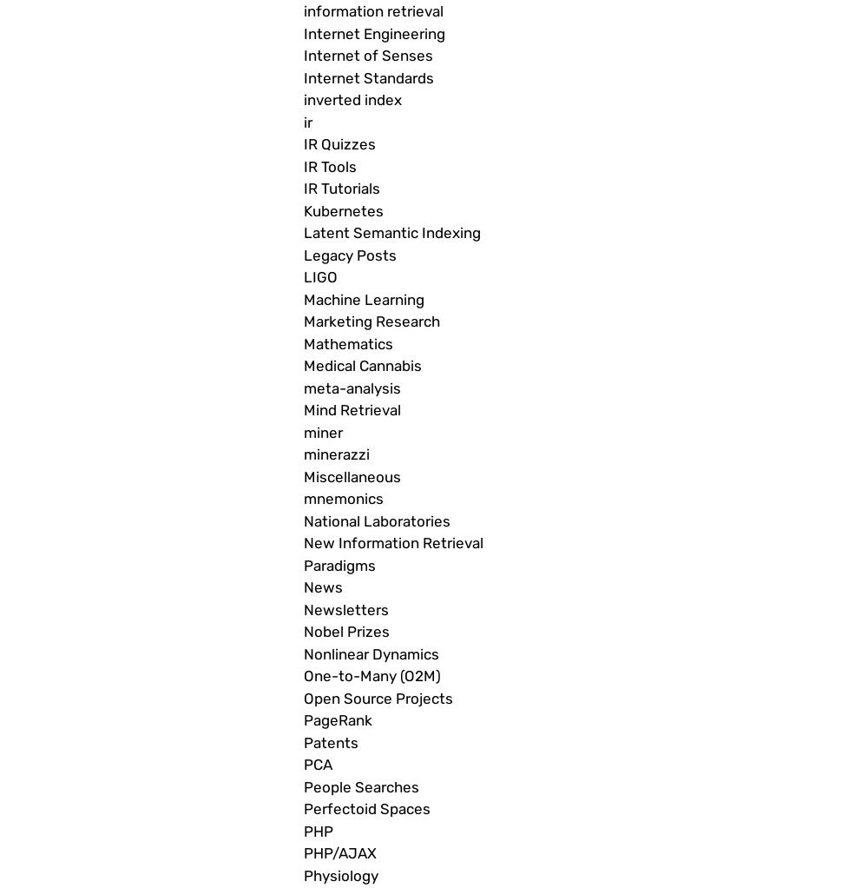 The image size is (868, 888). What do you see at coordinates (318, 829) in the screenshot?
I see `'PHP'` at bounding box center [318, 829].